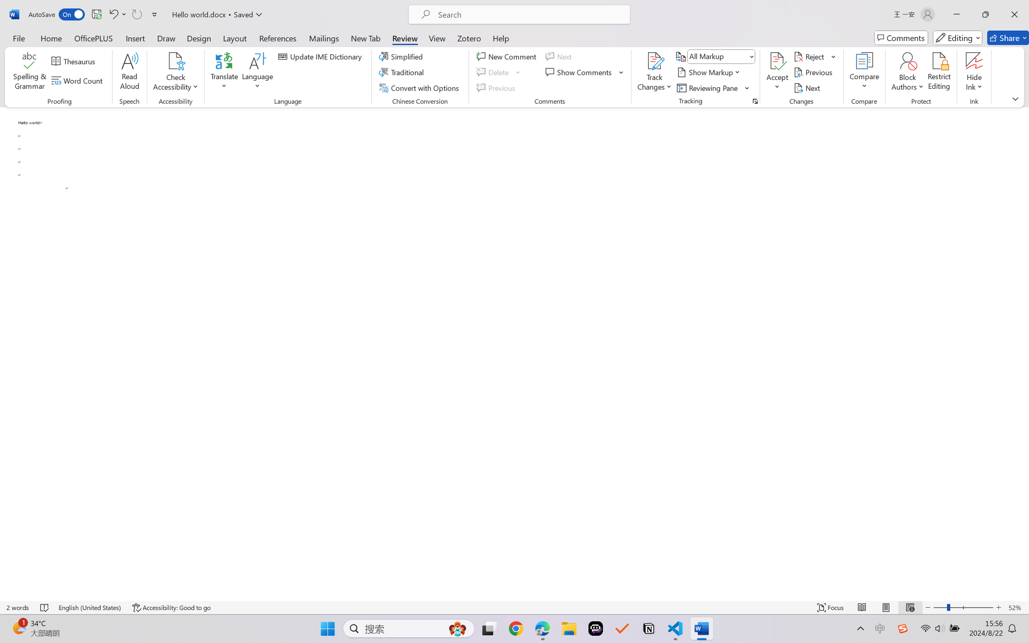 The width and height of the screenshot is (1029, 643). What do you see at coordinates (494, 72) in the screenshot?
I see `'Delete'` at bounding box center [494, 72].